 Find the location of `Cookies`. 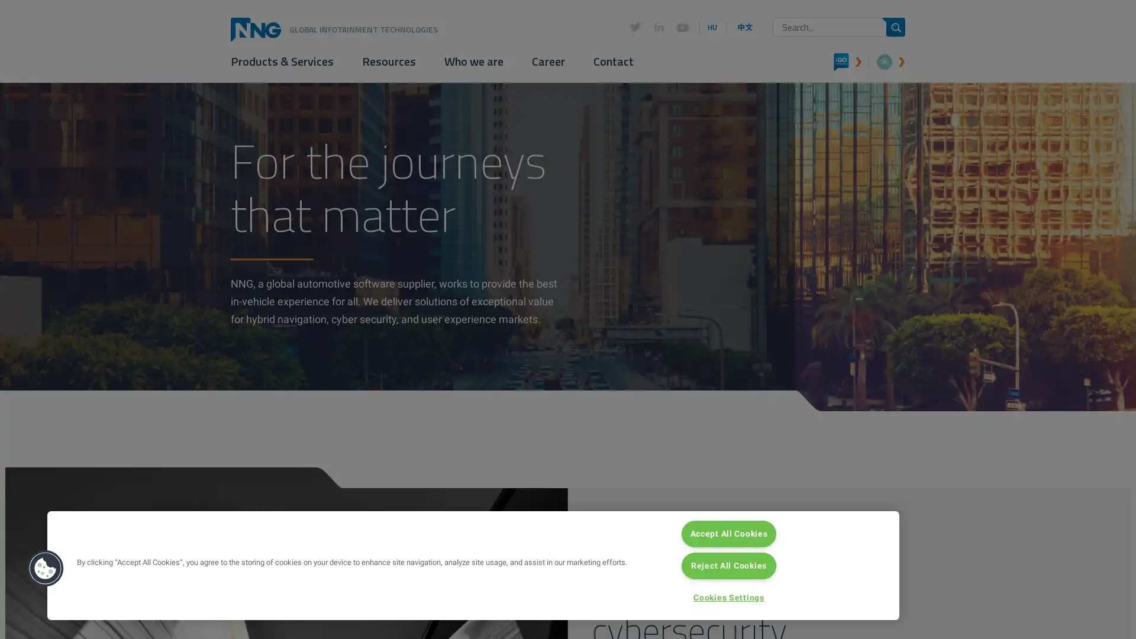

Cookies is located at coordinates (45, 567).